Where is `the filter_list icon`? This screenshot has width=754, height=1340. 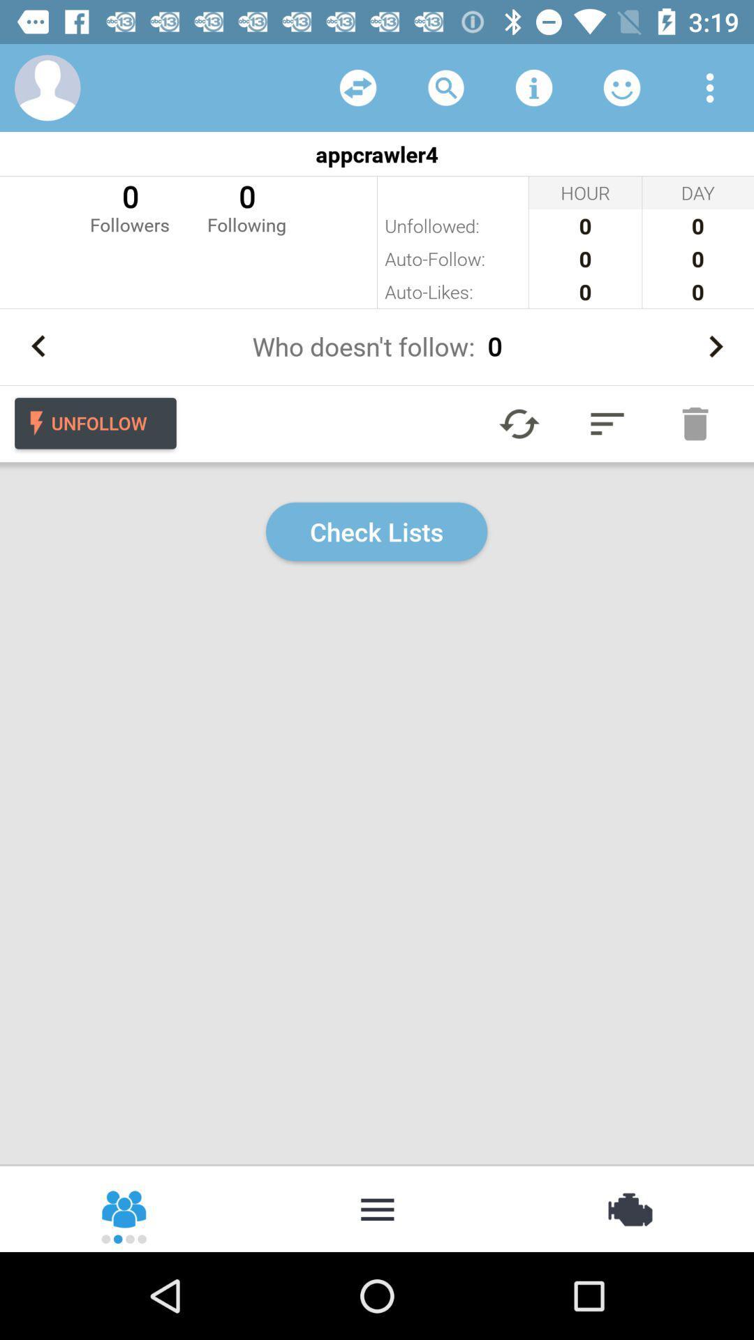 the filter_list icon is located at coordinates (607, 423).